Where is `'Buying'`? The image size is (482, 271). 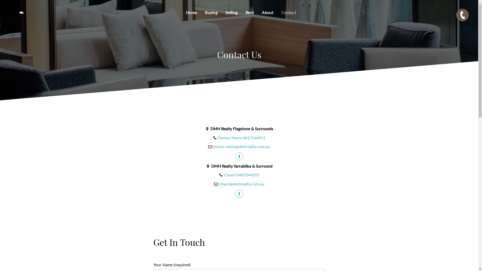 'Buying' is located at coordinates (211, 12).